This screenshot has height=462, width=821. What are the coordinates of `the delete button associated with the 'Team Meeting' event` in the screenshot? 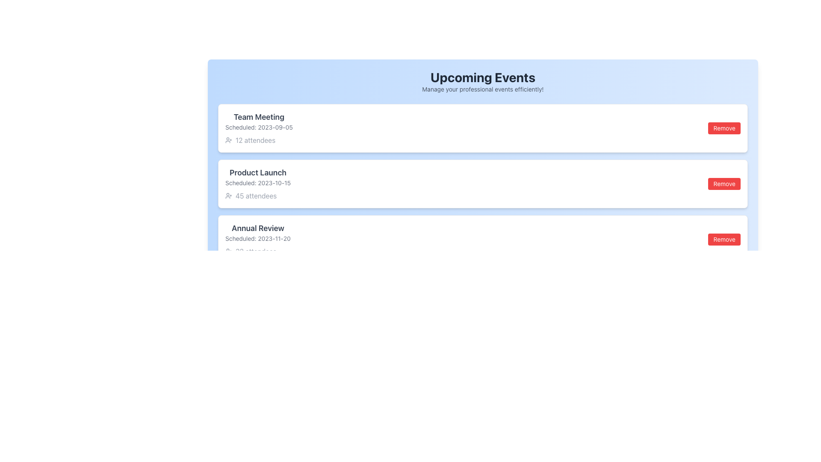 It's located at (724, 128).